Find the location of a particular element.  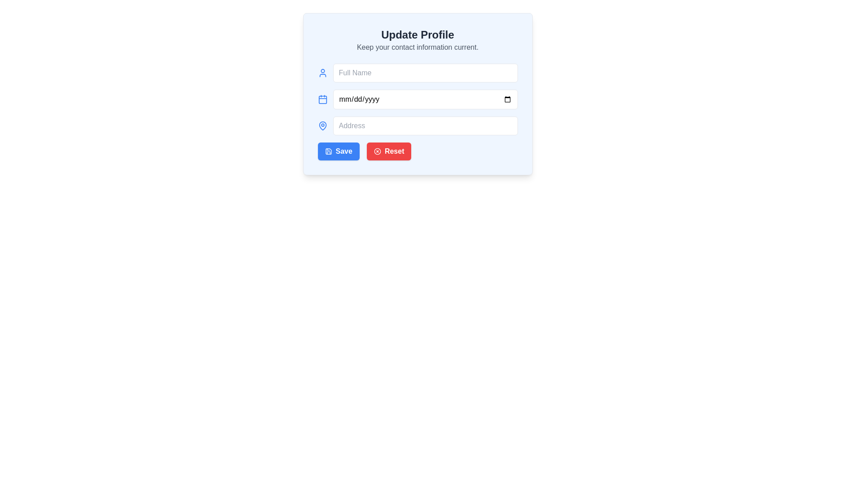

the blue outline user icon located to the left of the 'Full Name' input field is located at coordinates (322, 72).